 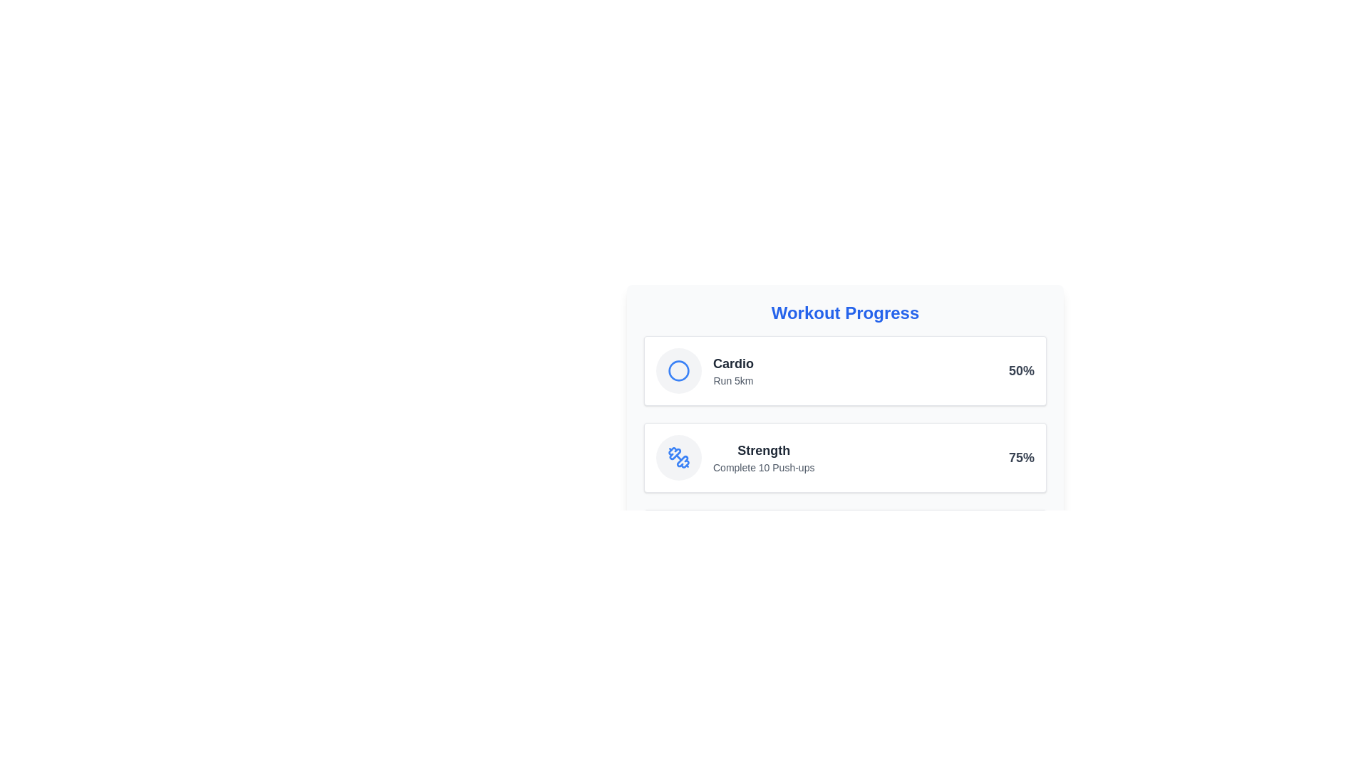 What do you see at coordinates (678, 458) in the screenshot?
I see `the circular icon with a light gray background and a blue dumbbell symbol, located to the left of the 'Strength' text in the second card under the 'Workout Progress' section` at bounding box center [678, 458].